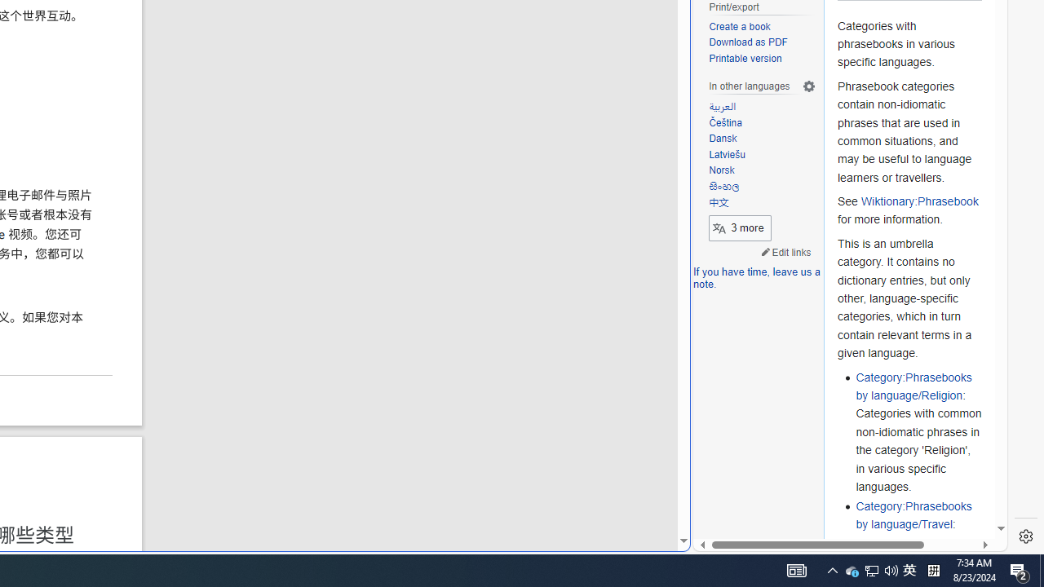 This screenshot has height=587, width=1044. What do you see at coordinates (762, 58) in the screenshot?
I see `'Printable version'` at bounding box center [762, 58].